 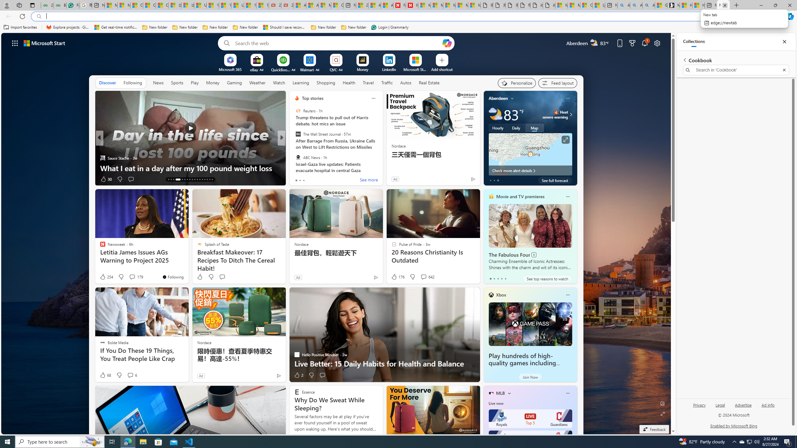 I want to click on 'Travel', so click(x=368, y=82).